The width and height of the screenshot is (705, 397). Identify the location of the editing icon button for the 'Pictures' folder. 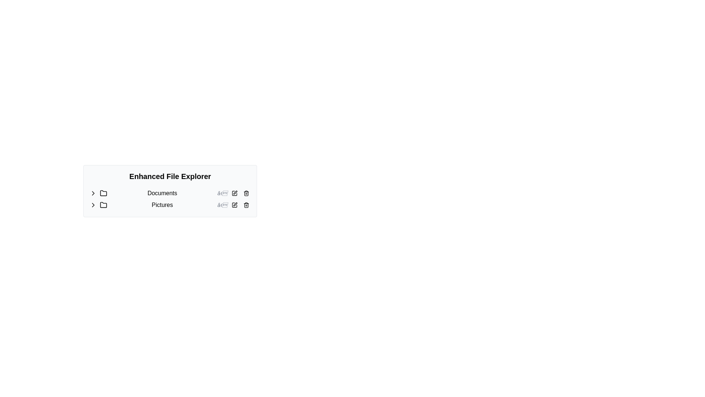
(234, 205).